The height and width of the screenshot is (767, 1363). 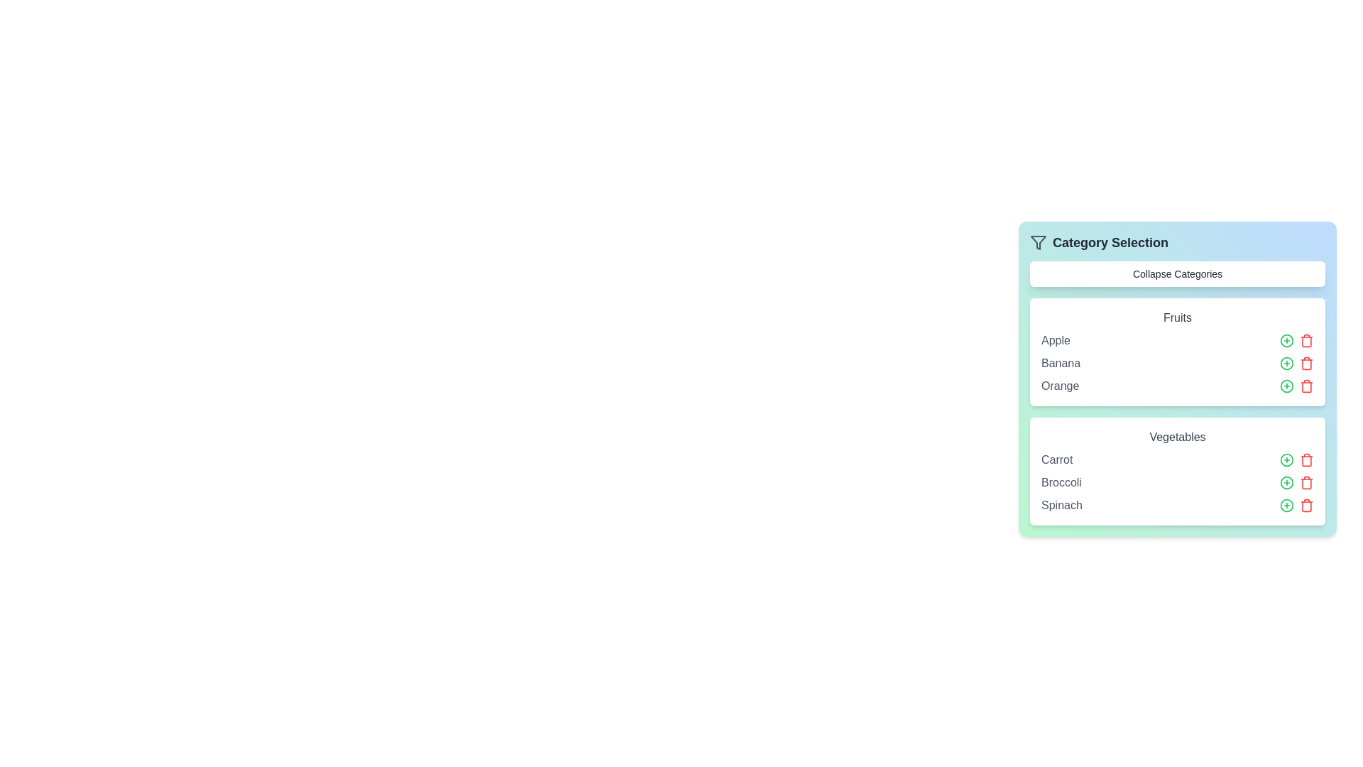 What do you see at coordinates (1306, 340) in the screenshot?
I see `the trash icon next to the item Apple to remove it from the list` at bounding box center [1306, 340].